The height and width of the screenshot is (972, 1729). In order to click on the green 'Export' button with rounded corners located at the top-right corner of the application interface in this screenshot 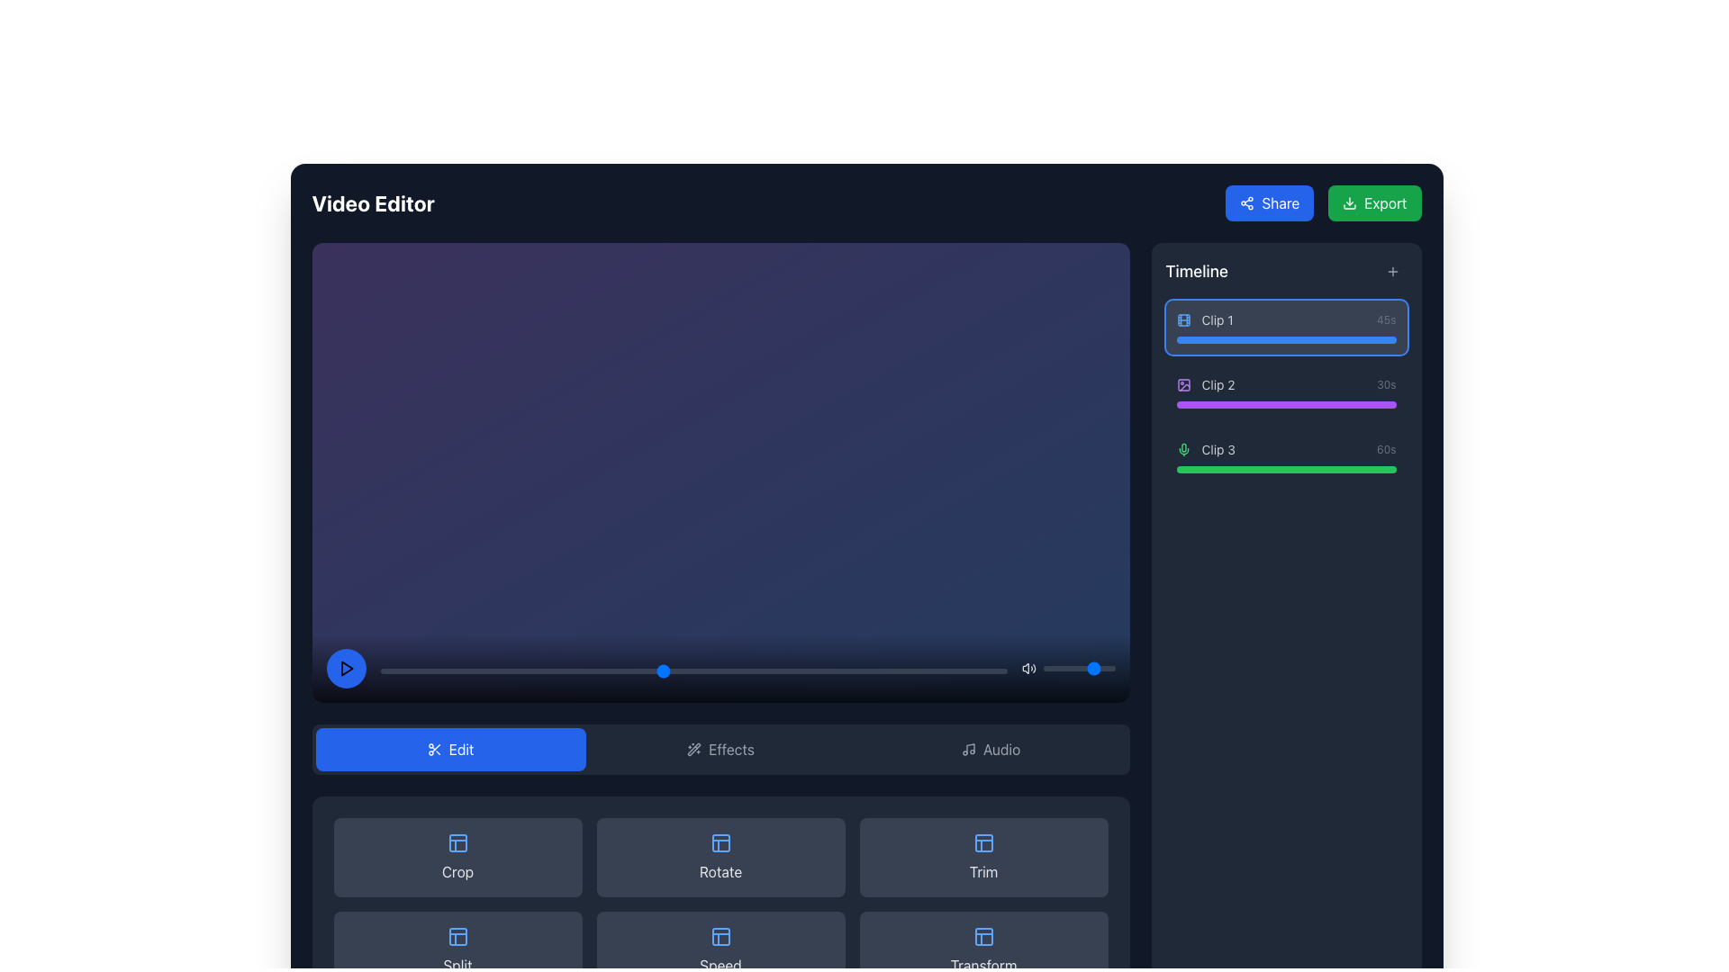, I will do `click(1373, 202)`.